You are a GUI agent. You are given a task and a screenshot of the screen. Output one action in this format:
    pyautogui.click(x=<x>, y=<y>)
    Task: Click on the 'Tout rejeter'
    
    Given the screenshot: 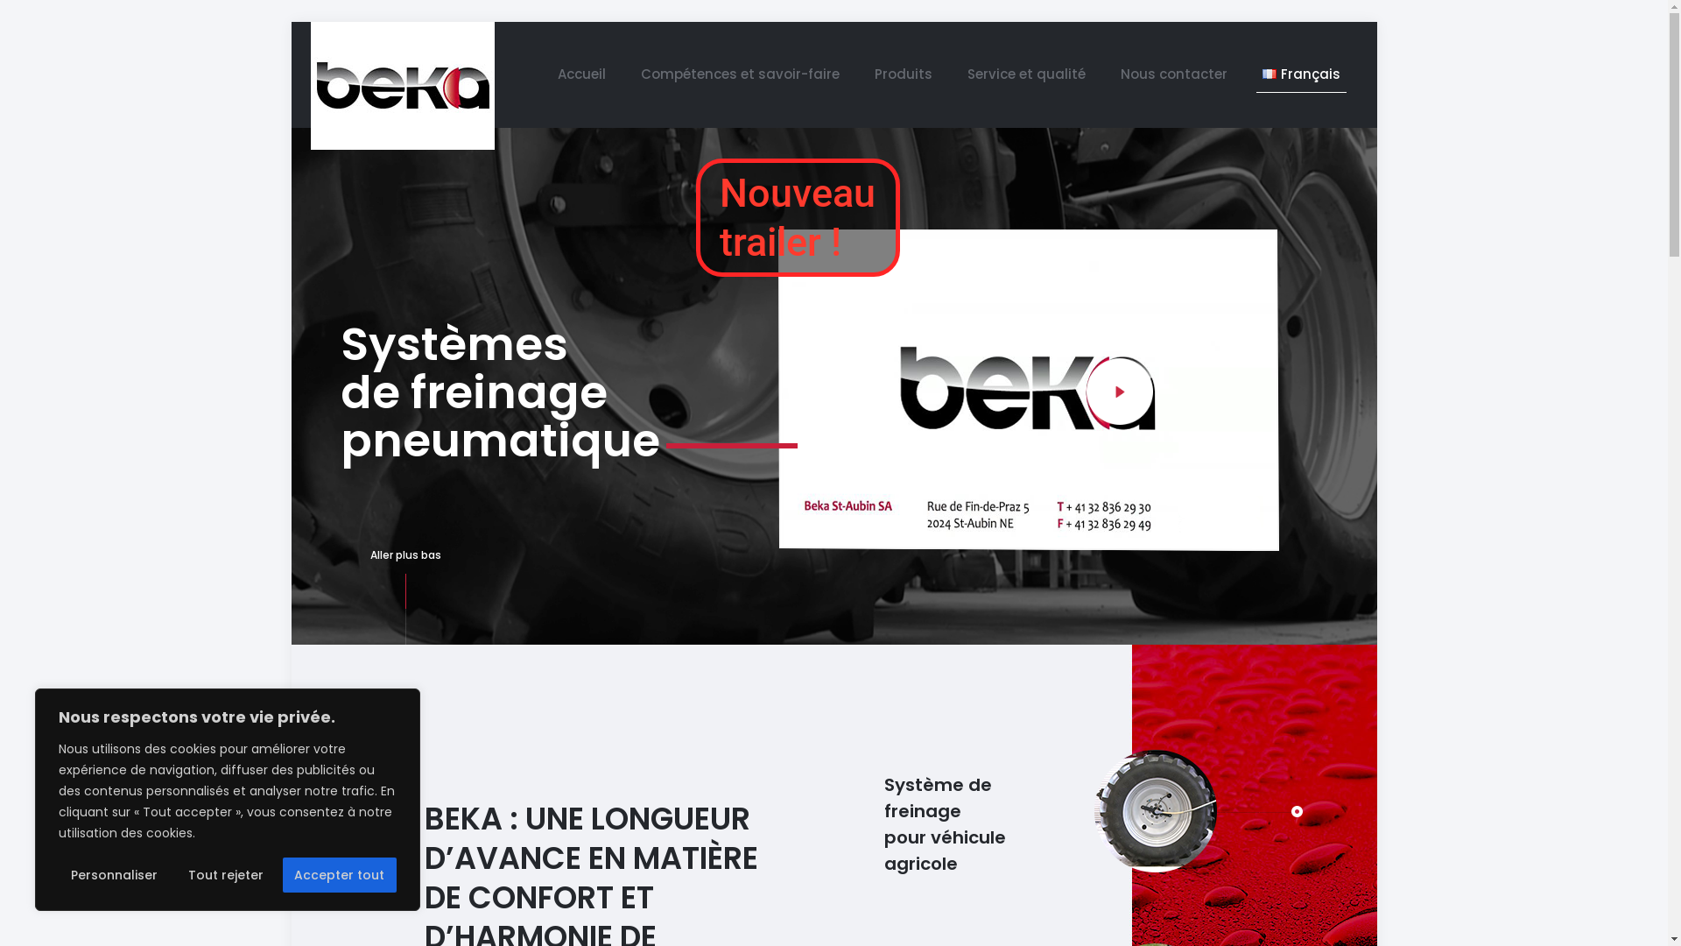 What is the action you would take?
    pyautogui.click(x=176, y=875)
    